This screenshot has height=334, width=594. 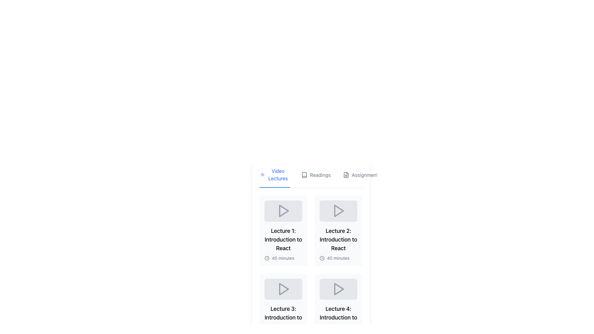 I want to click on the triangular play button icon located in the upper-left quadrant of the content section for 'Lecture 1: Introduction to React', so click(x=283, y=211).